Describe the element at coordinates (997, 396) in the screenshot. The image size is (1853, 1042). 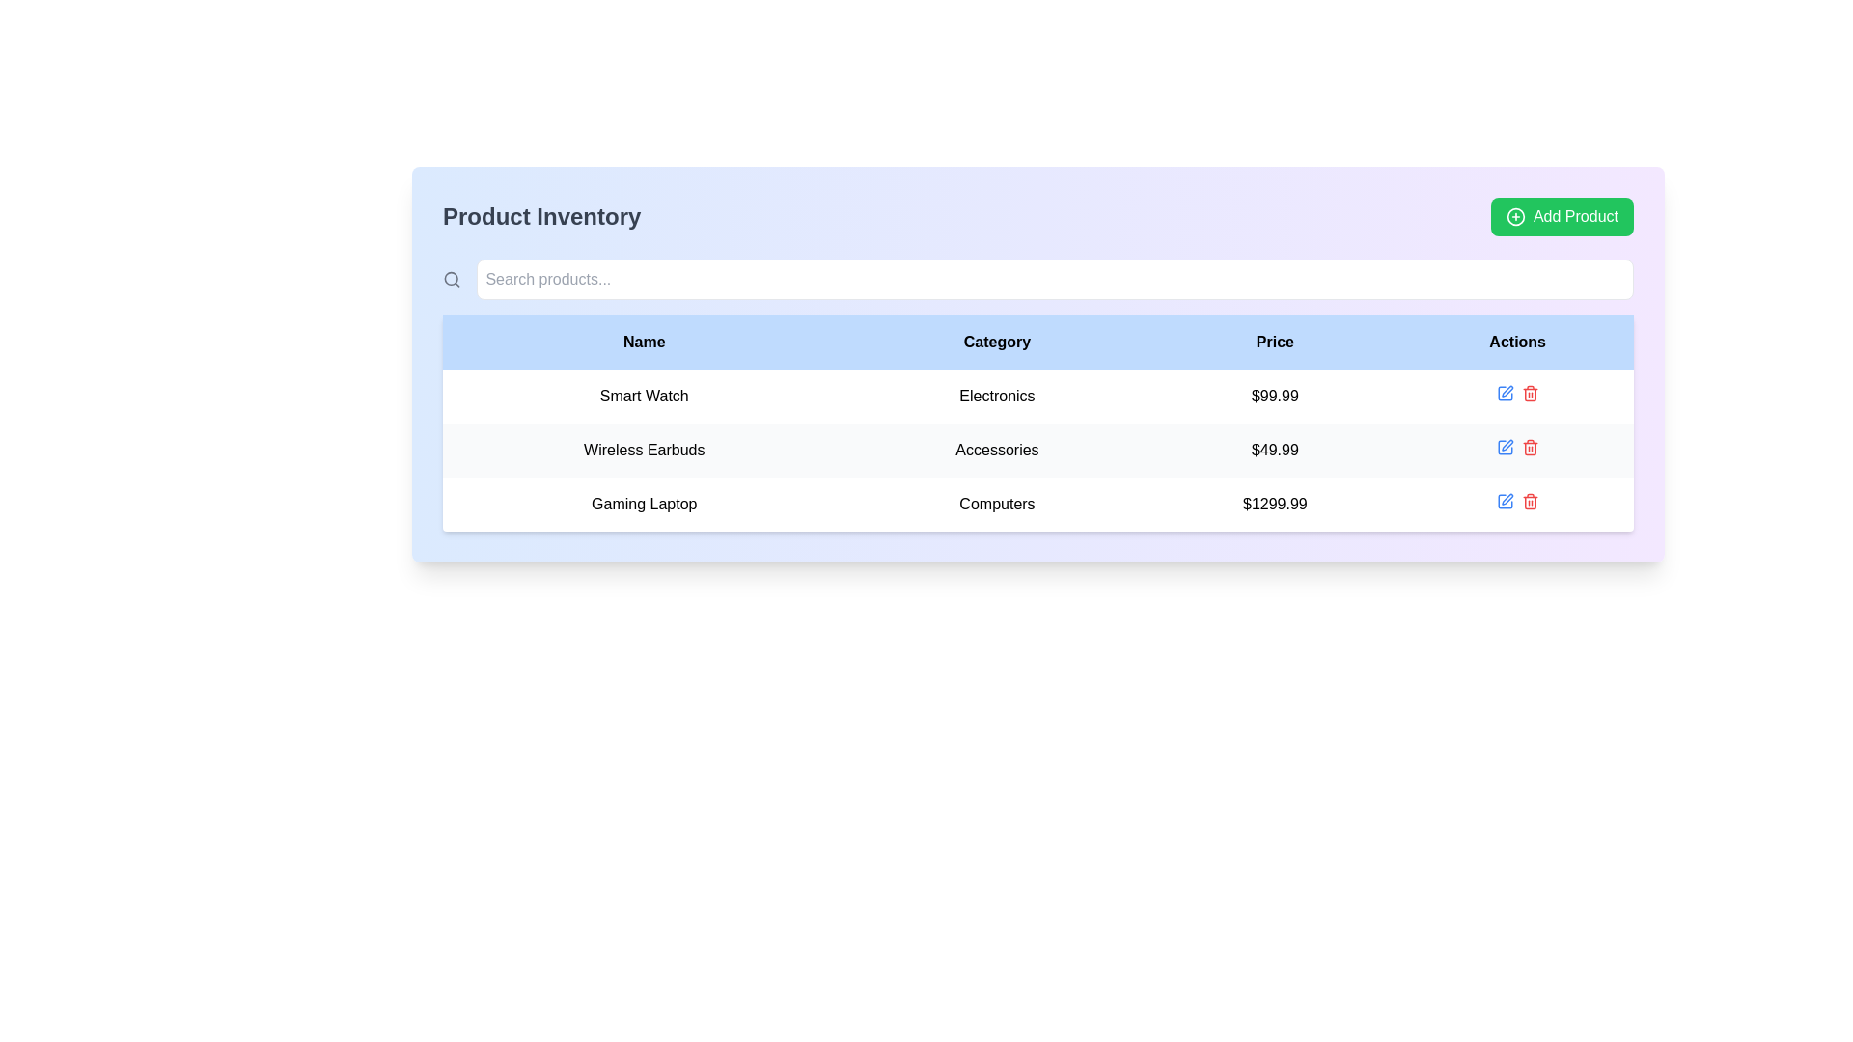
I see `the static text element displaying the category label 'Electronics' in the 'Product Inventory' interface by moving the cursor to its center` at that location.